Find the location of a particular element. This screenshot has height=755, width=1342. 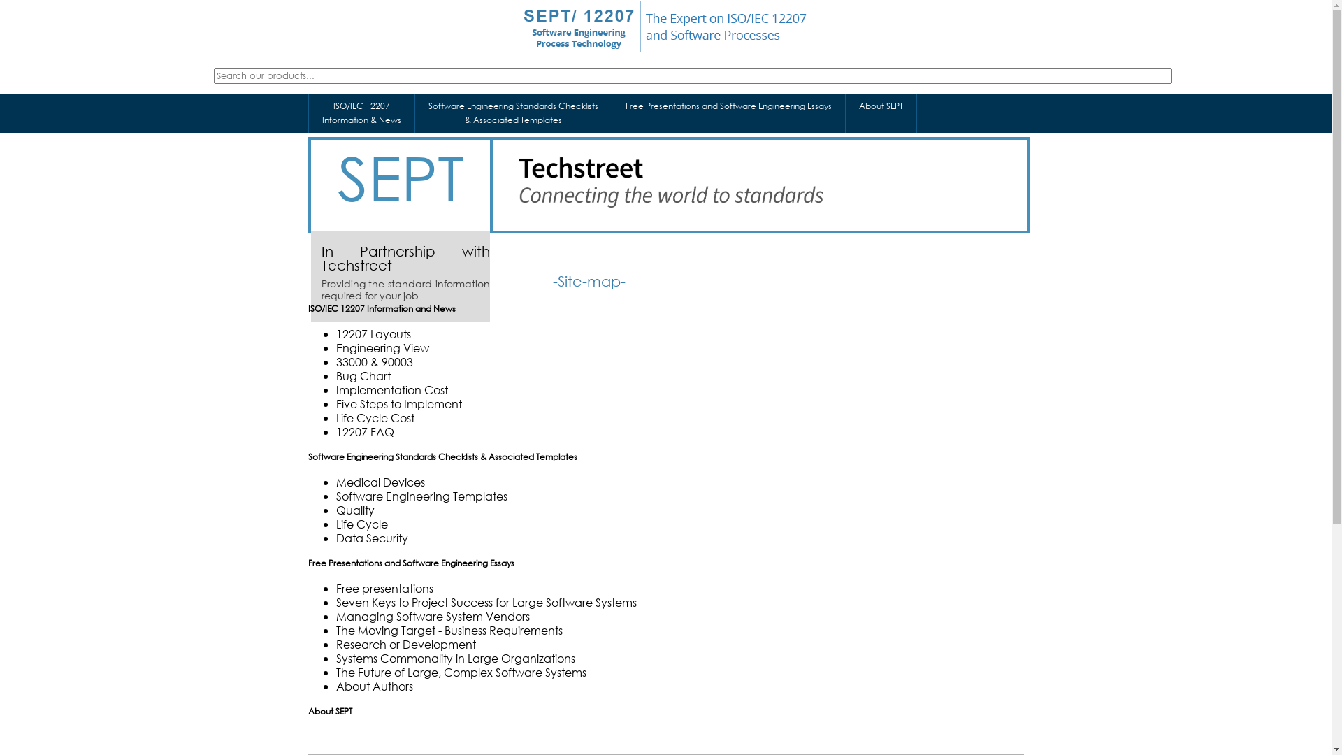

'ISO/IEC 12207 is located at coordinates (361, 113).